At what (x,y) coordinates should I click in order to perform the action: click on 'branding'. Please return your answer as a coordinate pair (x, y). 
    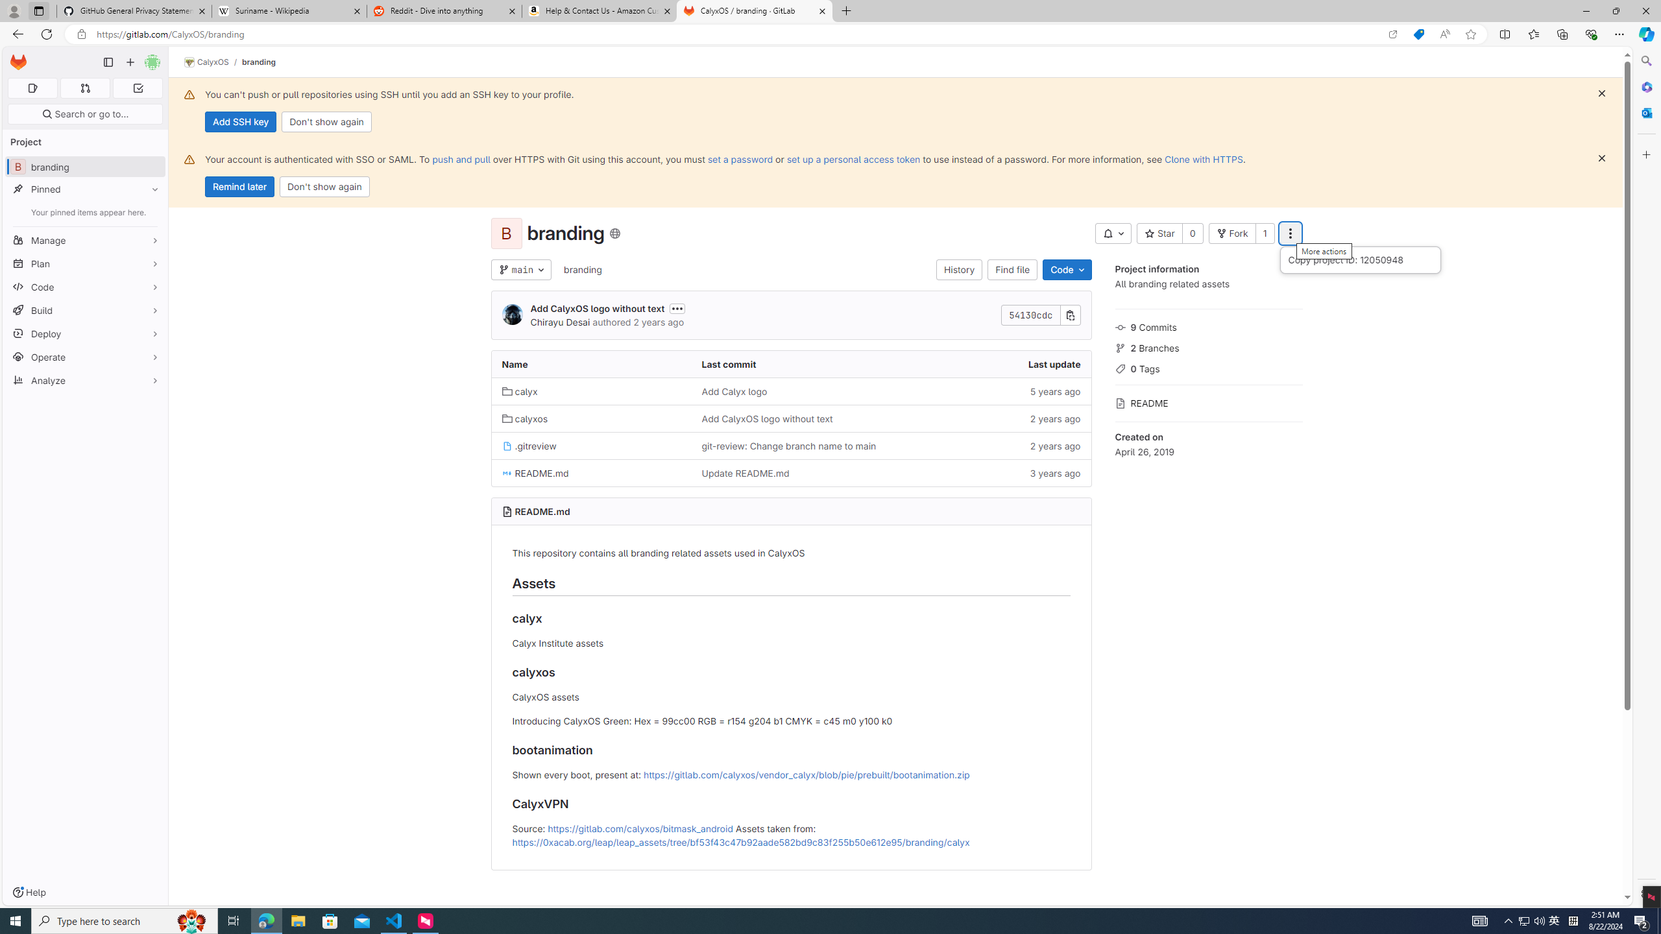
    Looking at the image, I should click on (581, 269).